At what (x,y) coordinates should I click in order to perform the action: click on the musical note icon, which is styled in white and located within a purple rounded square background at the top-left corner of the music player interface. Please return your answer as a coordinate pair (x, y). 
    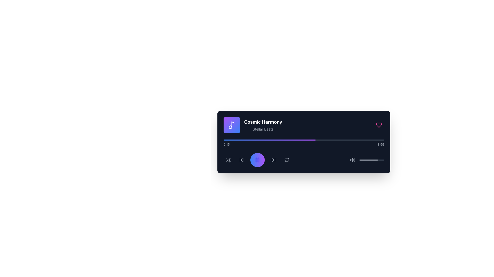
    Looking at the image, I should click on (232, 125).